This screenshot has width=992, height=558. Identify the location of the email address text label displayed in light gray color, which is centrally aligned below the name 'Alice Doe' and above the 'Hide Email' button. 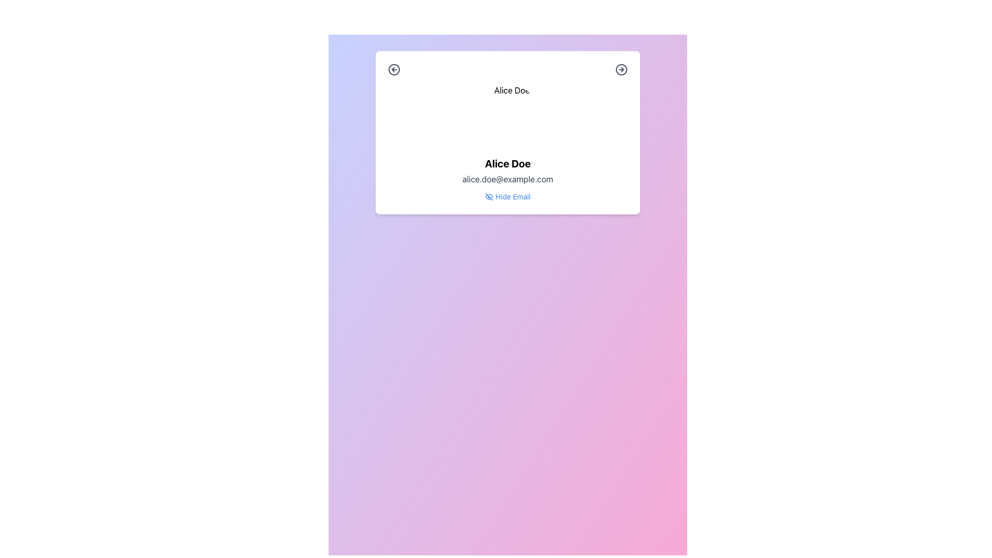
(508, 179).